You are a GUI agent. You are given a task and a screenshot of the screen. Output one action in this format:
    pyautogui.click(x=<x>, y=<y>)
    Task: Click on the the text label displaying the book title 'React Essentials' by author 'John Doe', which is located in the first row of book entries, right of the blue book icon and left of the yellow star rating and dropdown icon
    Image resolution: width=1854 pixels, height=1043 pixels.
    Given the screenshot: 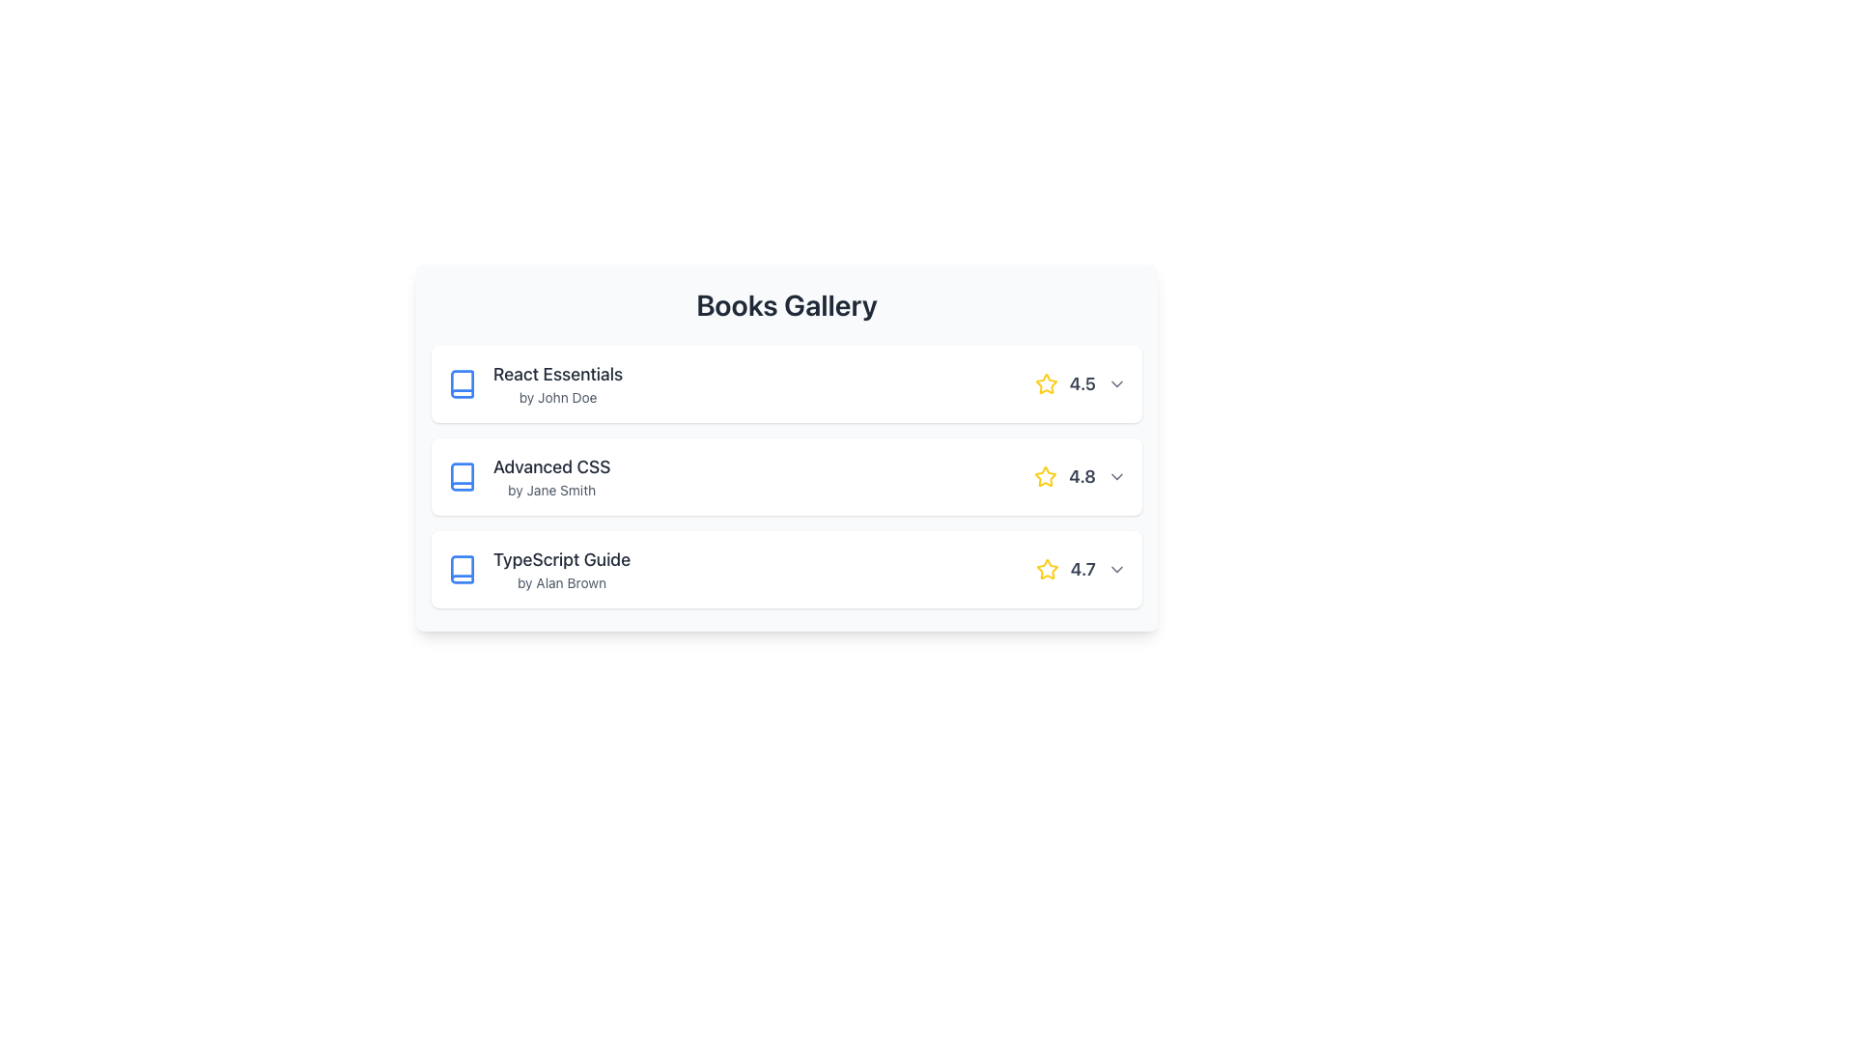 What is the action you would take?
    pyautogui.click(x=557, y=383)
    